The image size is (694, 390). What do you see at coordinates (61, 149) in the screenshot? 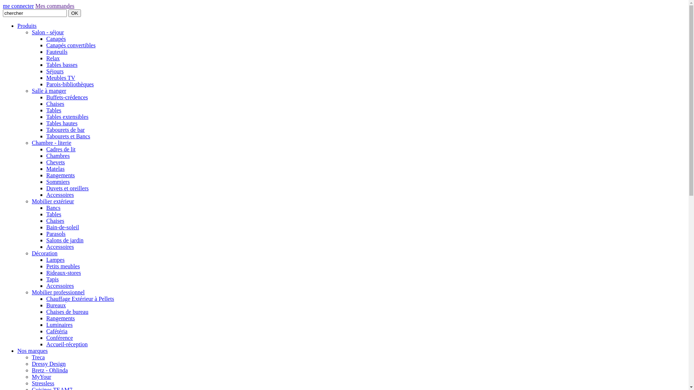
I see `'Cadres de lit'` at bounding box center [61, 149].